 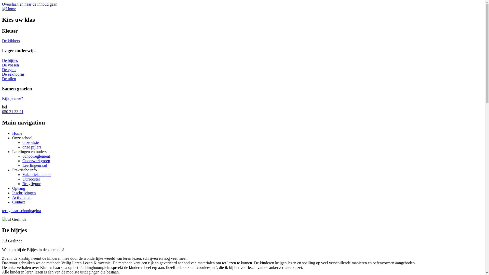 What do you see at coordinates (36, 161) in the screenshot?
I see `'Ouderwerkgroep'` at bounding box center [36, 161].